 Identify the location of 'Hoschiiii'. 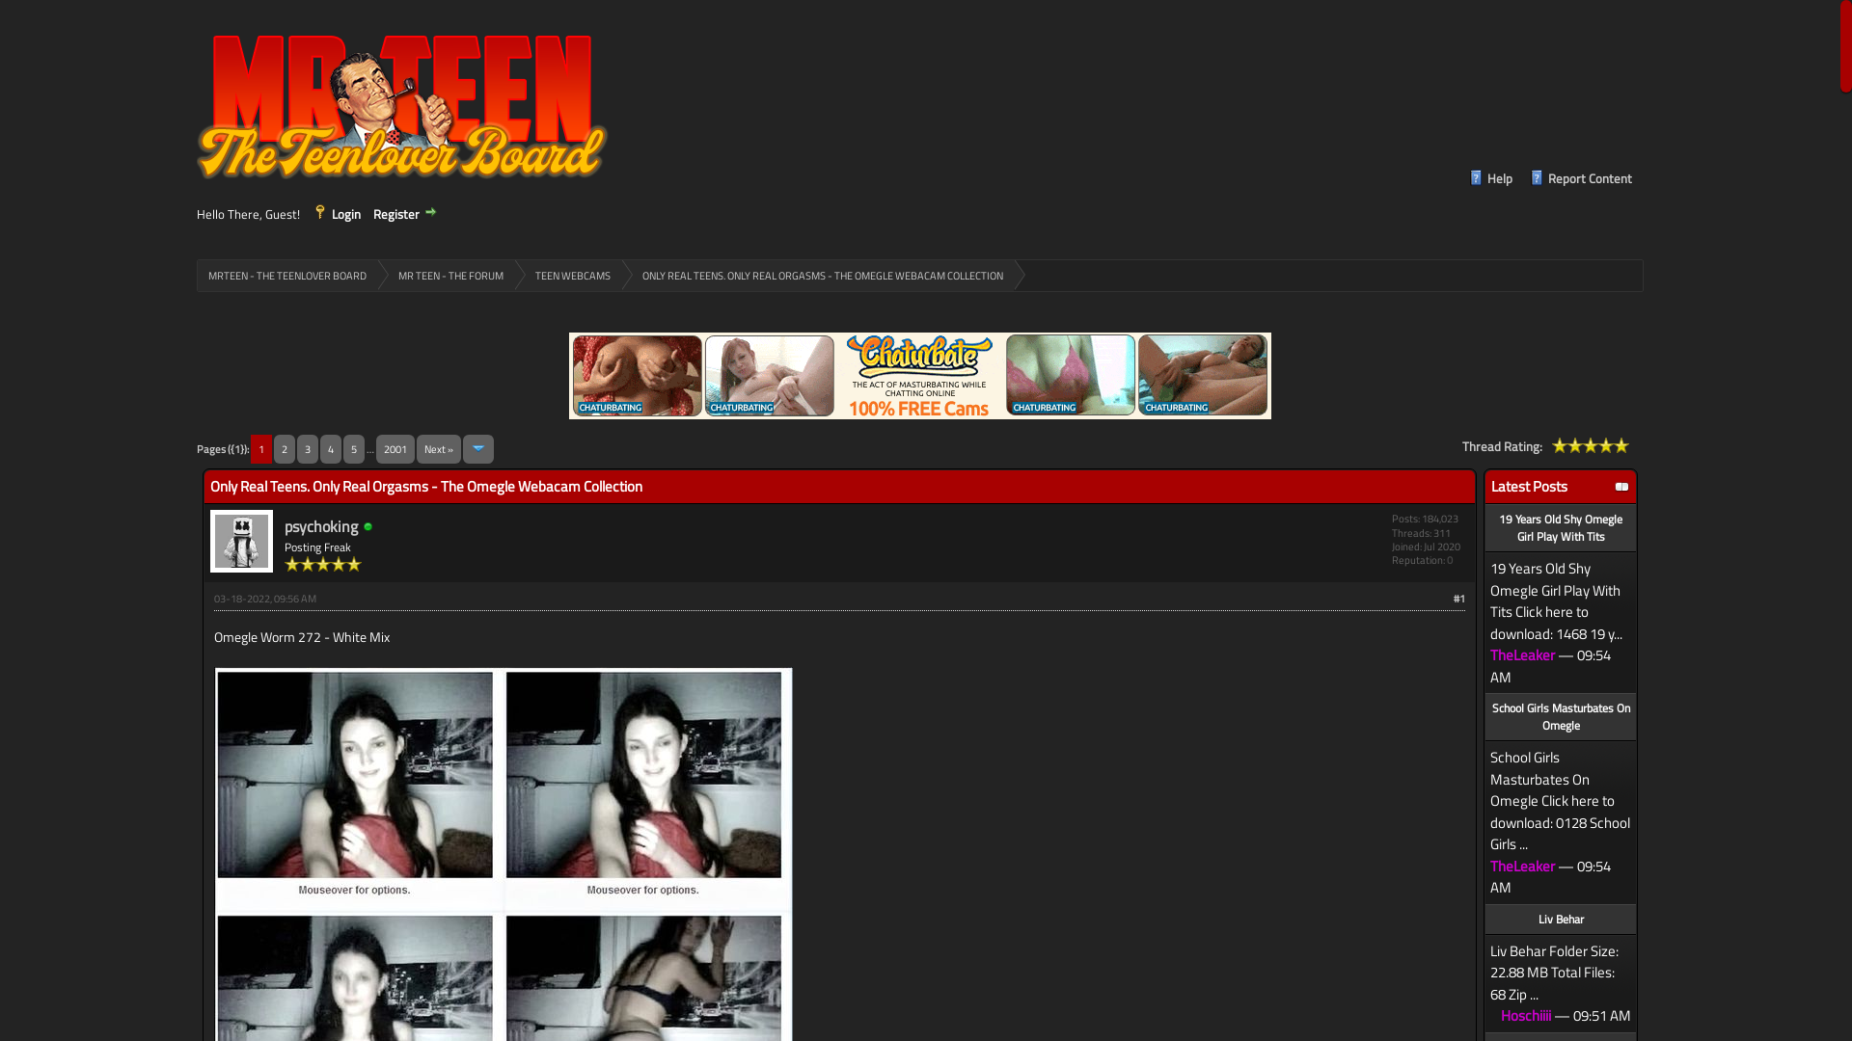
(1525, 1014).